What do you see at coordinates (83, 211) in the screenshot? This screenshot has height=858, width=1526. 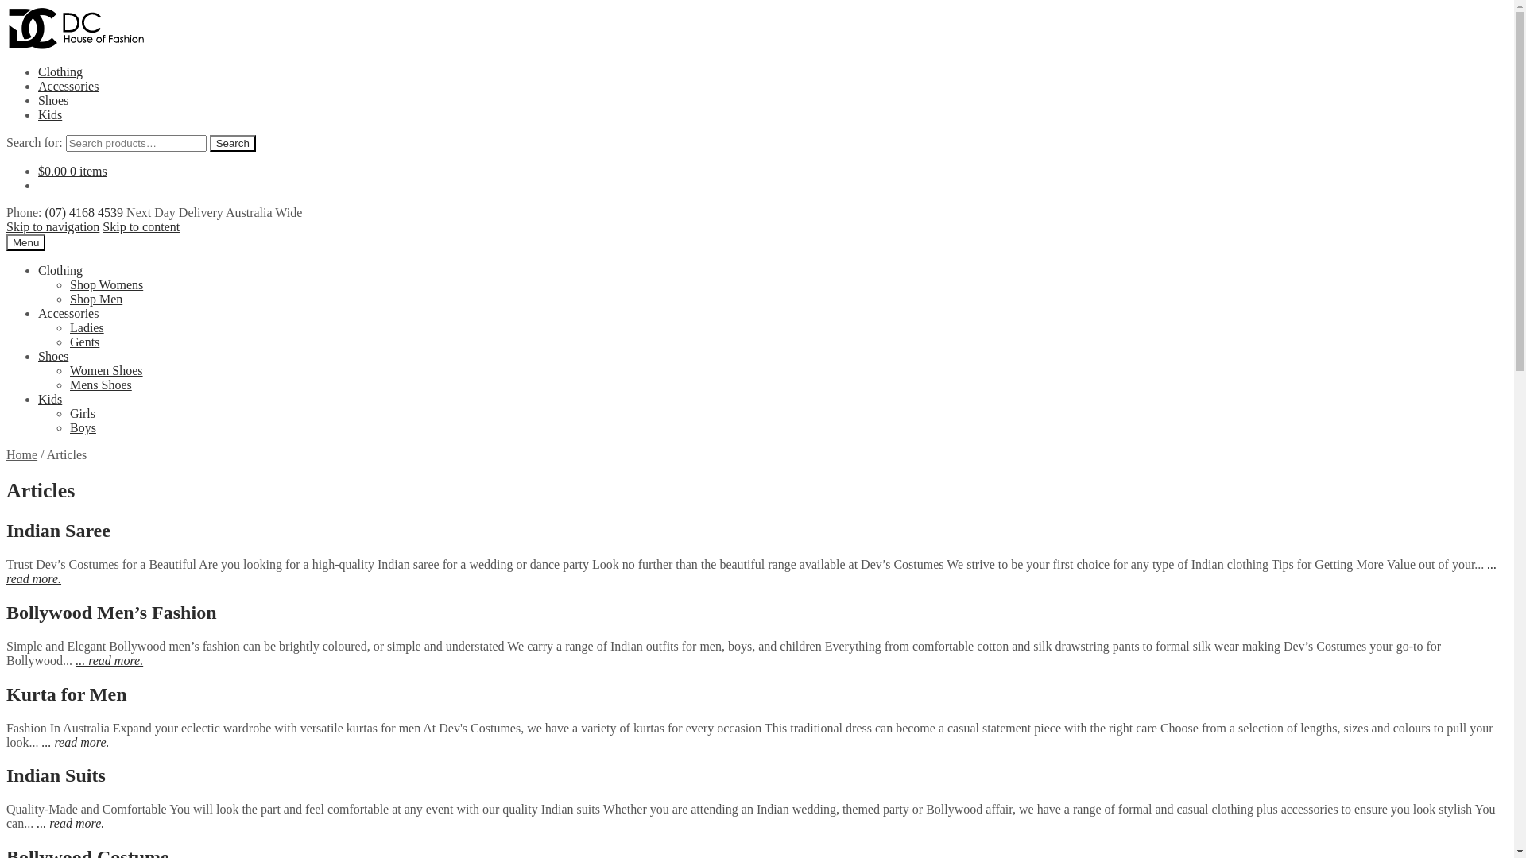 I see `'(07) 4168 4539'` at bounding box center [83, 211].